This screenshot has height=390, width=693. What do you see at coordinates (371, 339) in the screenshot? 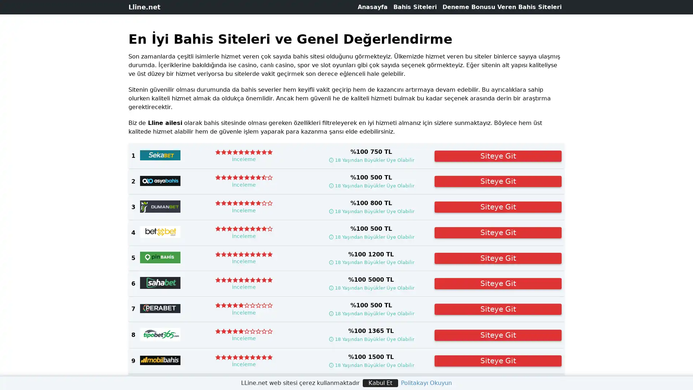
I see `Load terms and conditions` at bounding box center [371, 339].